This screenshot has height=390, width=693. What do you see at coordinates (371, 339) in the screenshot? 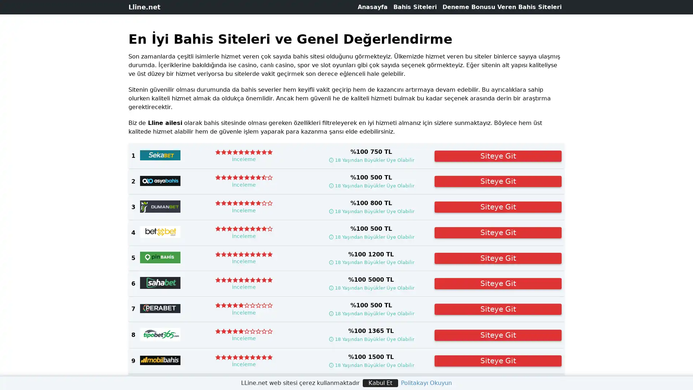
I see `Load terms and conditions` at bounding box center [371, 339].